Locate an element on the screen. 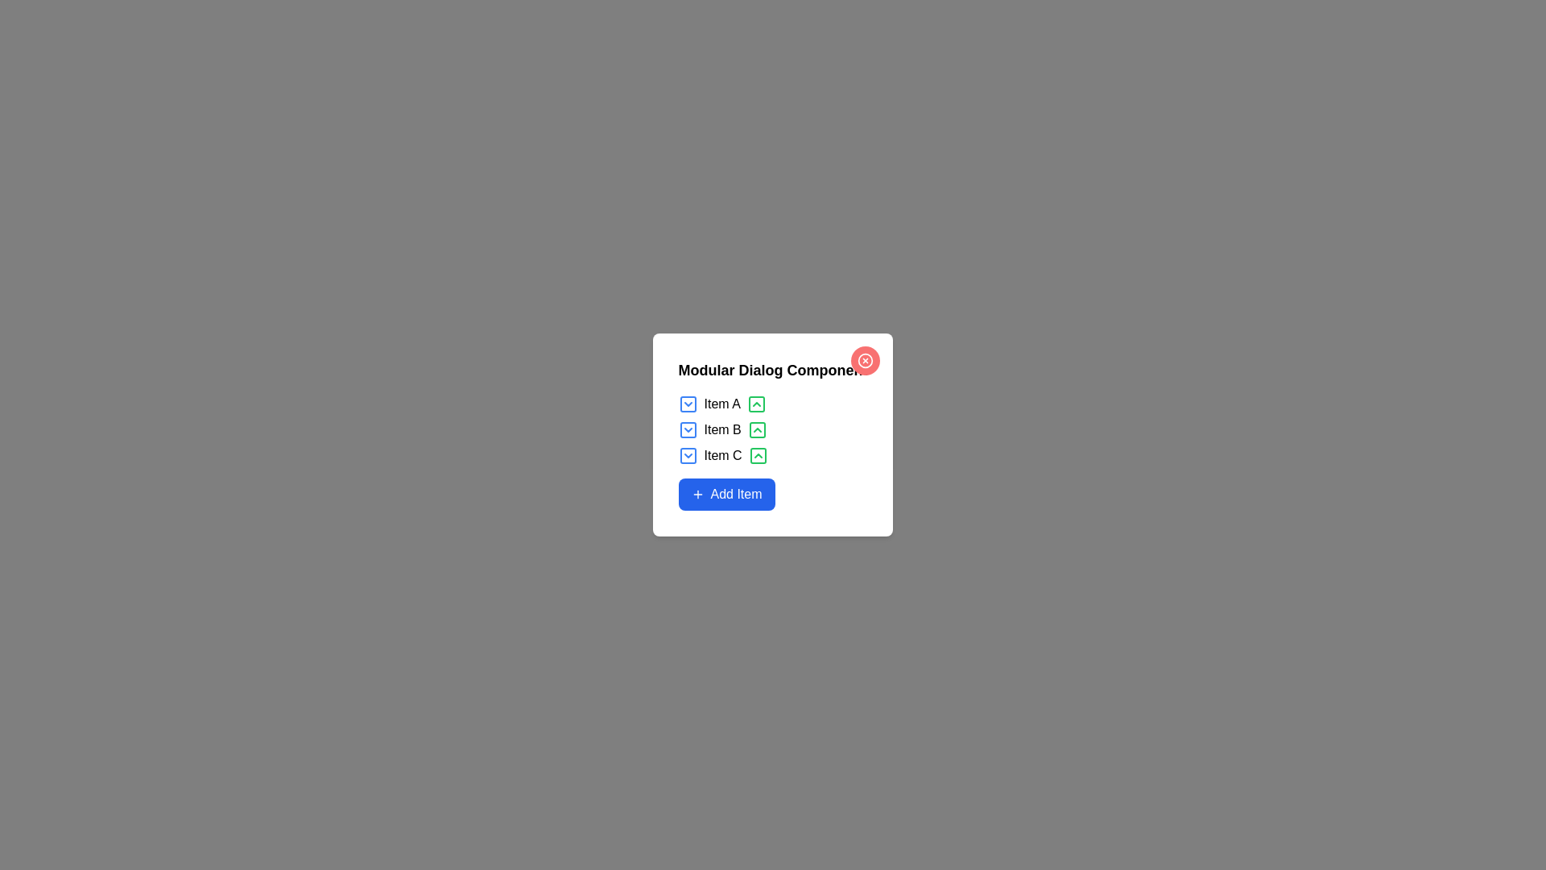 Image resolution: width=1546 pixels, height=870 pixels. up arrow of Item B is located at coordinates (756, 429).